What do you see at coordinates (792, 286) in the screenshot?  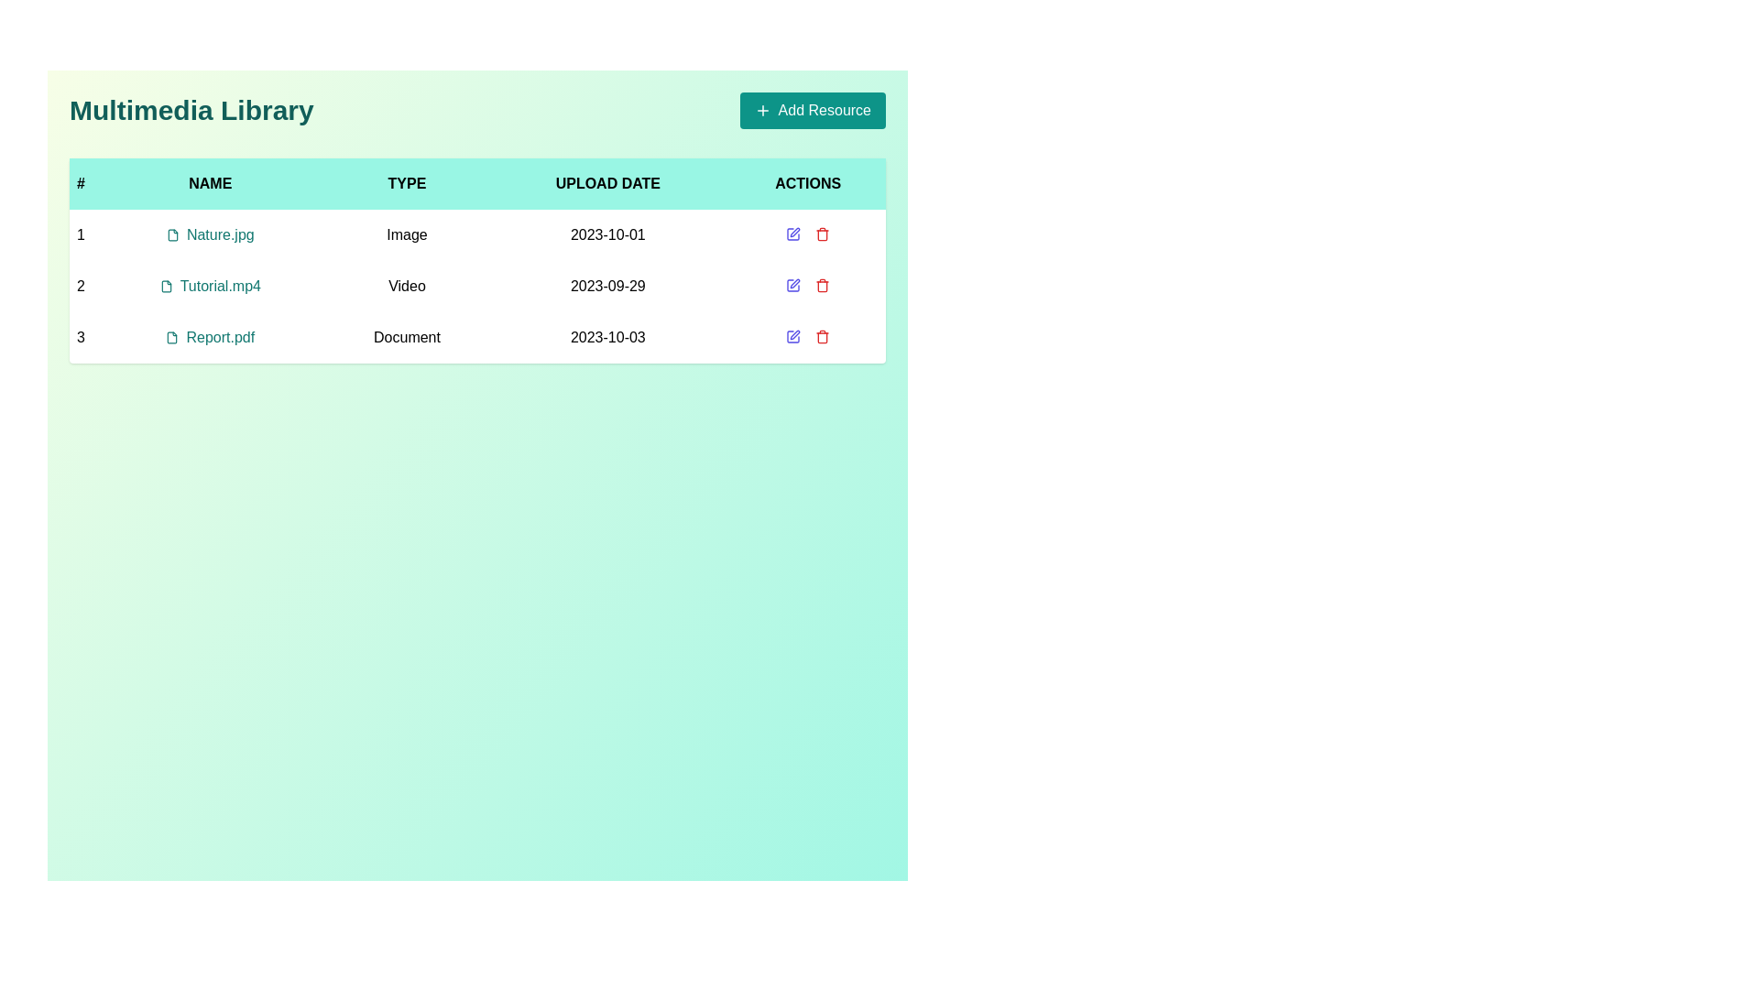 I see `the editing icon button in the second row of the 'Actions' column to initiate the edit function for the 'Tutorial.mp4' item` at bounding box center [792, 286].